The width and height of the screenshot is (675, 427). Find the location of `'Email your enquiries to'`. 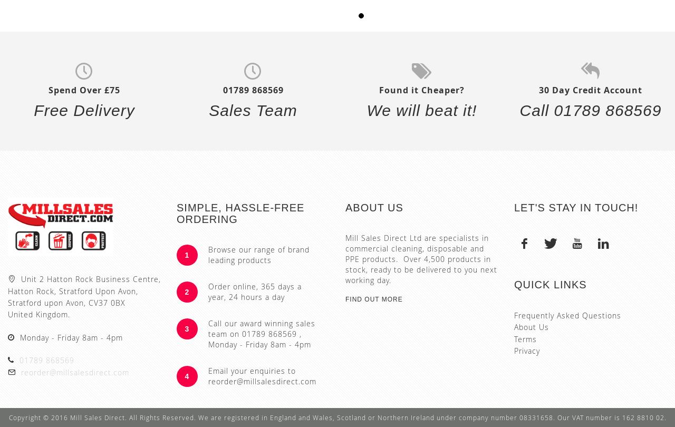

'Email your enquiries to' is located at coordinates (251, 370).